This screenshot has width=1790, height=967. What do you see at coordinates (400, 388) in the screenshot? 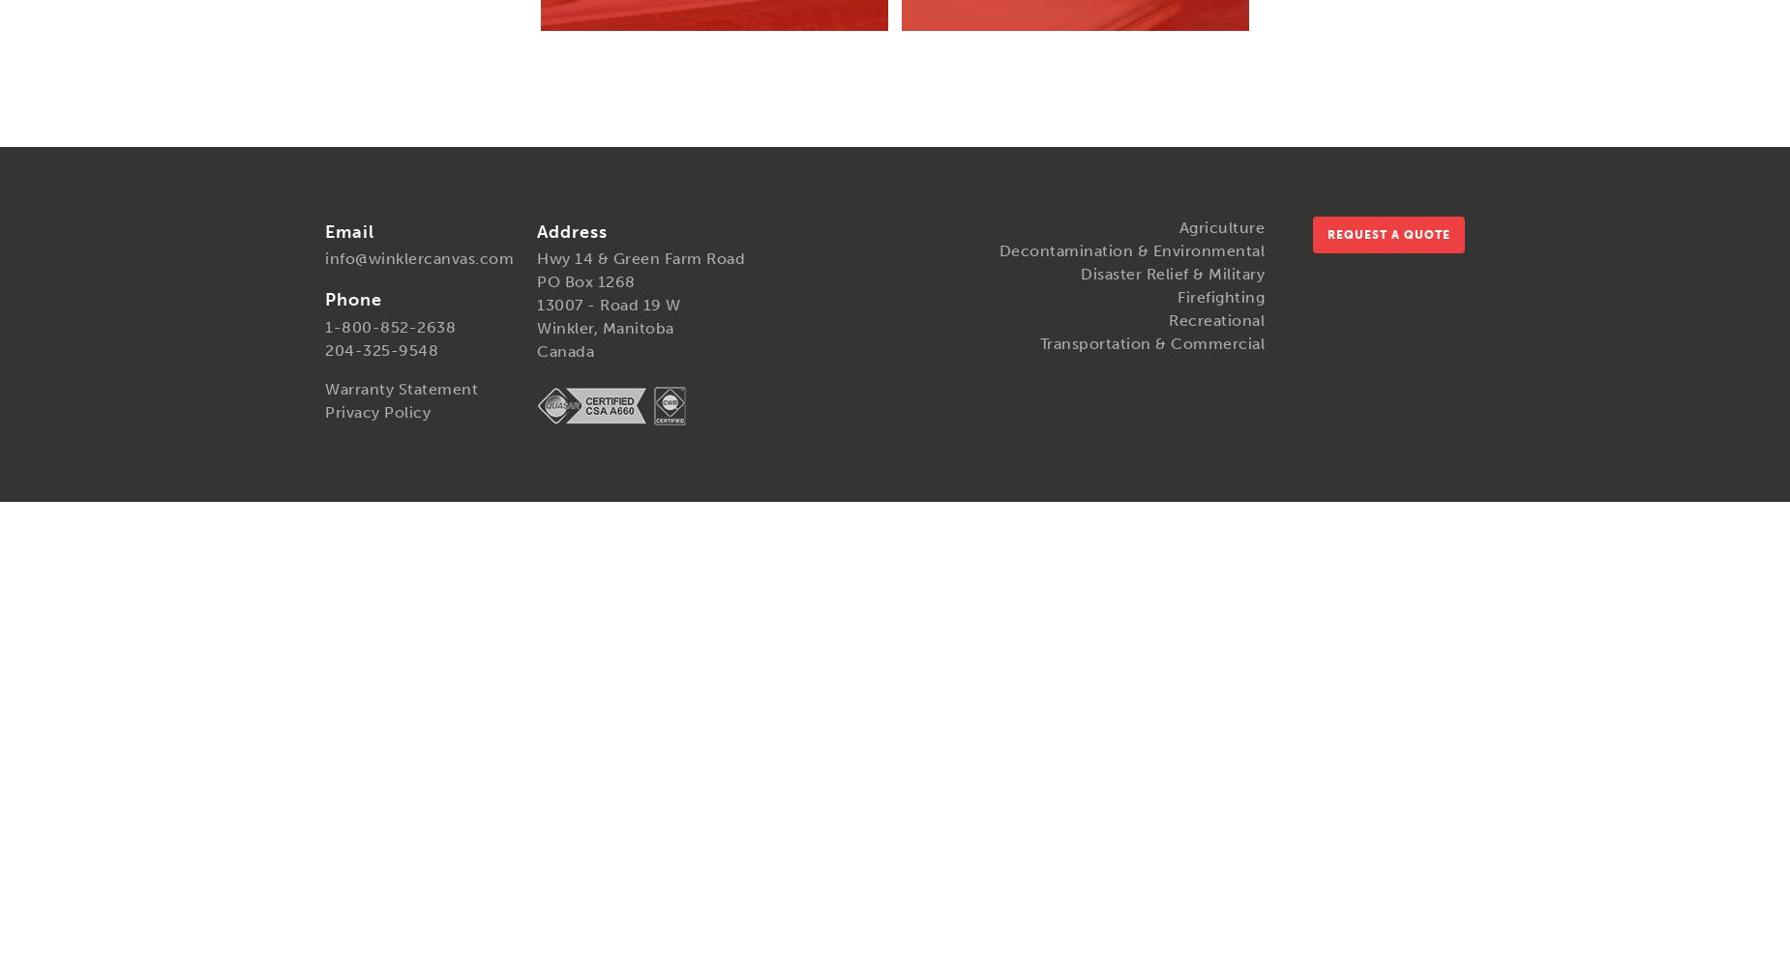
I see `'Warranty Statement'` at bounding box center [400, 388].